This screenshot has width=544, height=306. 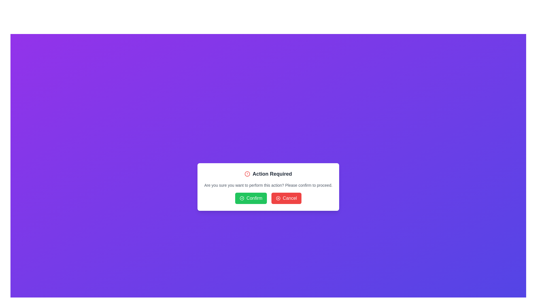 I want to click on the Circle SVG element that serves as the background of the alert icon for 'Action Required' in the modal dialog, so click(x=247, y=173).